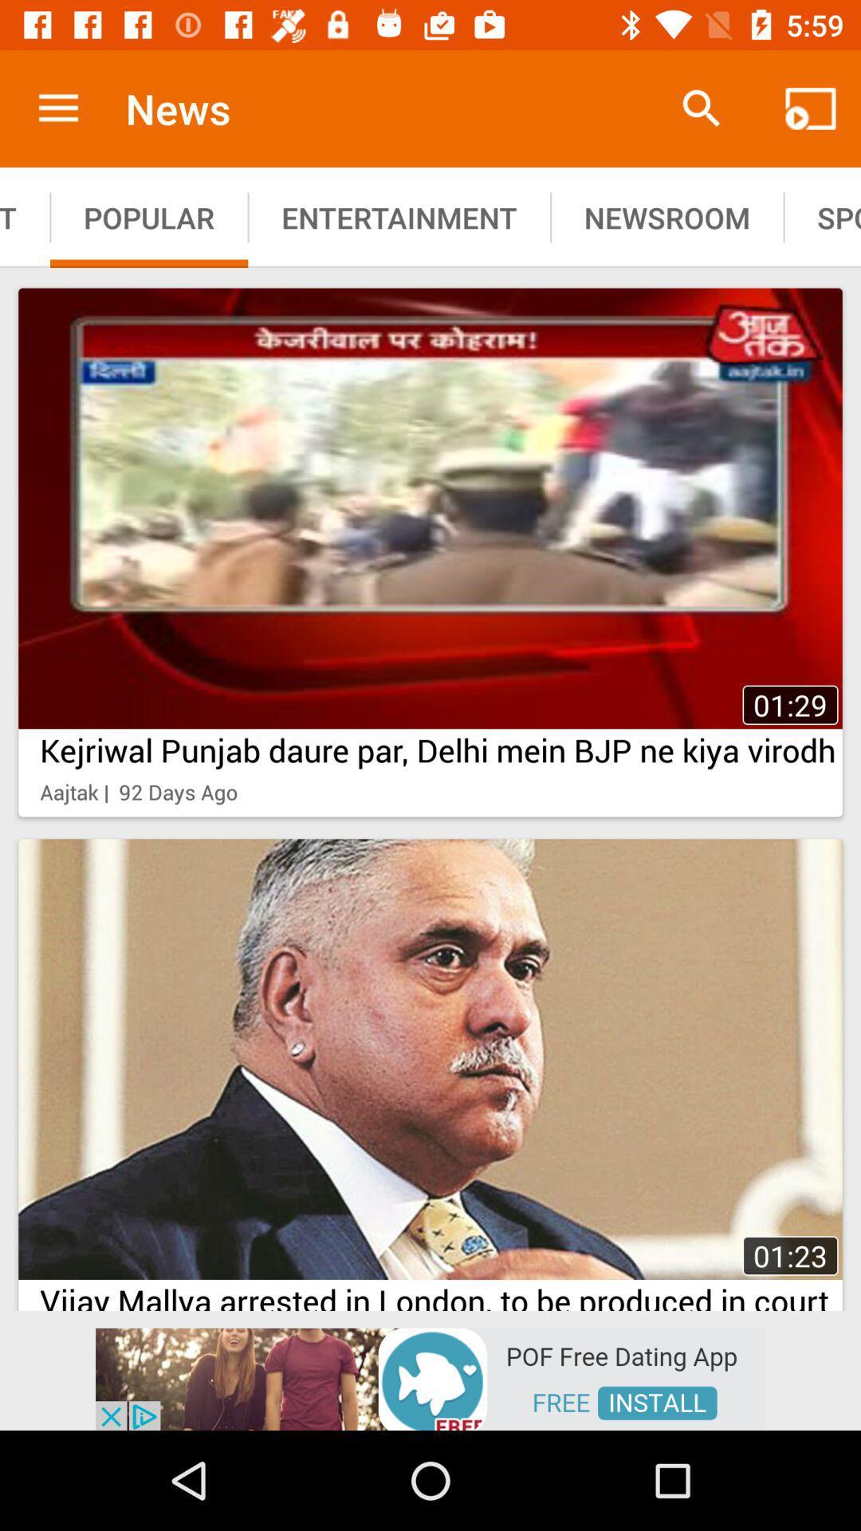 The width and height of the screenshot is (861, 1531). What do you see at coordinates (667, 217) in the screenshot?
I see `the newsroom which is next to entertainment` at bounding box center [667, 217].